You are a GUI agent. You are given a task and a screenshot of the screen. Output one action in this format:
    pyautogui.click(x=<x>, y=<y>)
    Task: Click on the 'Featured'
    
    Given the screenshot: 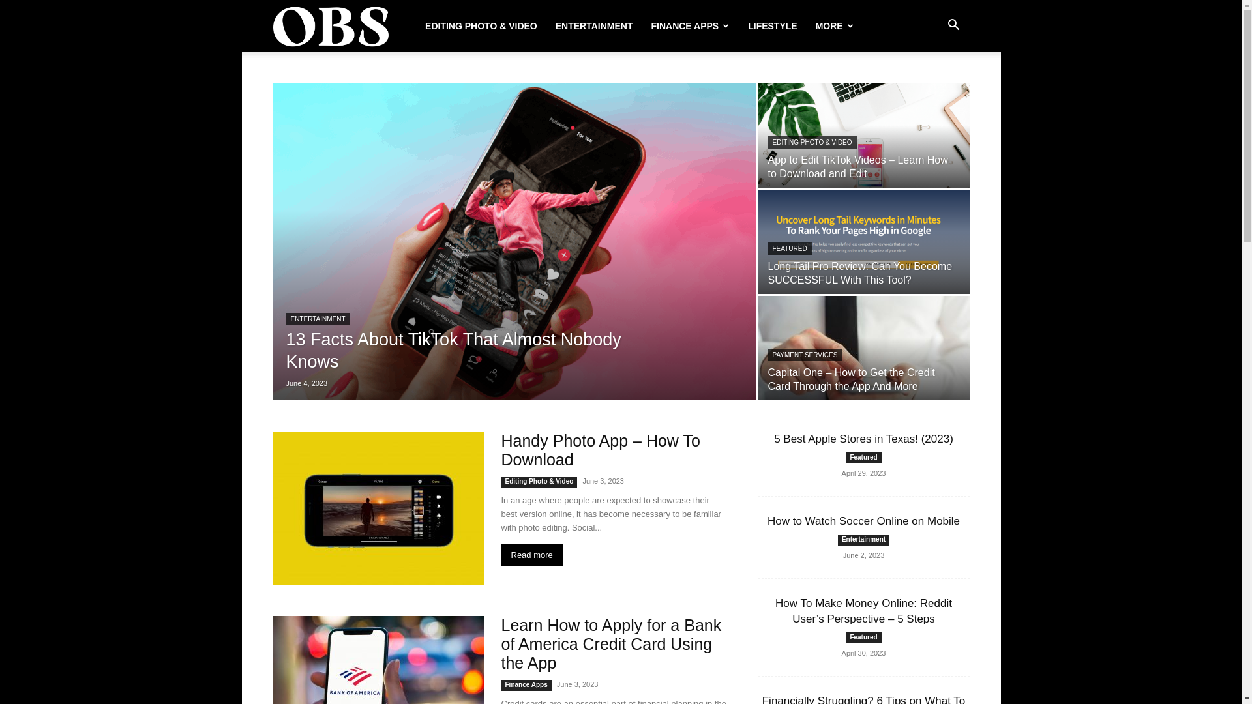 What is the action you would take?
    pyautogui.click(x=863, y=457)
    